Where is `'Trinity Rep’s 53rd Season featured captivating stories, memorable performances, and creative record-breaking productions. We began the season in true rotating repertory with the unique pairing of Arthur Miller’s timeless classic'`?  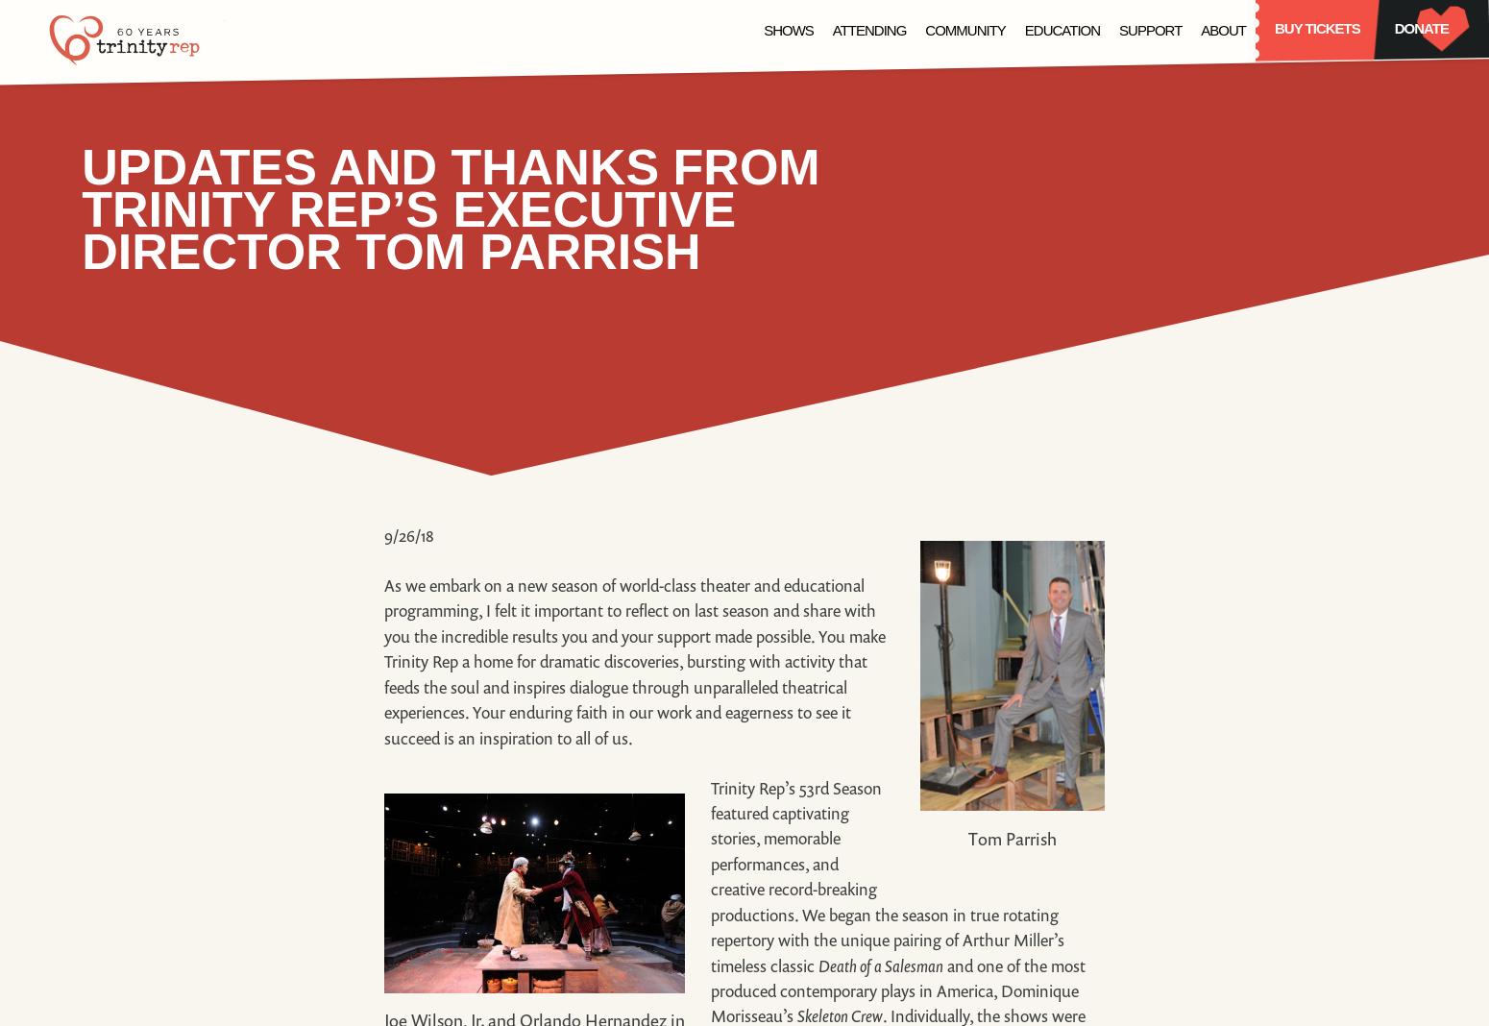 'Trinity Rep’s 53rd Season featured captivating stories, memorable performances, and creative record-breaking productions. We began the season in true rotating repertory with the unique pairing of Arthur Miller’s timeless classic' is located at coordinates (887, 874).